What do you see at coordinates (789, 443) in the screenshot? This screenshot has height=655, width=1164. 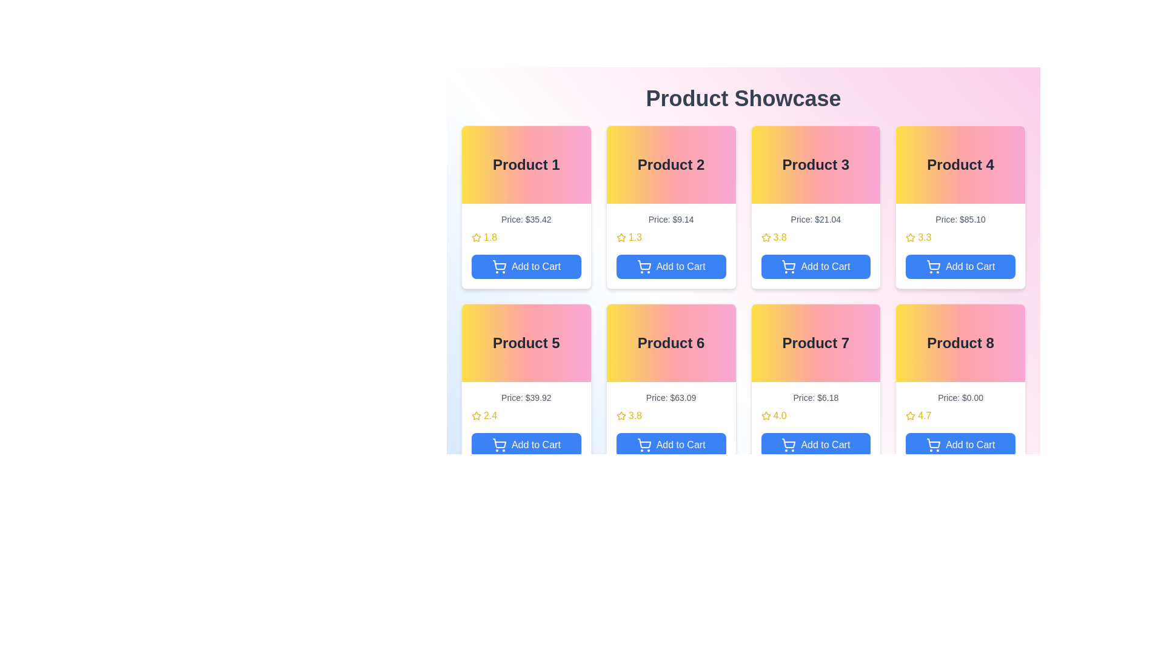 I see `the shopping cart icon, which is part of the 'Add to Cart' button located in the seventh product card of the grid layout` at bounding box center [789, 443].